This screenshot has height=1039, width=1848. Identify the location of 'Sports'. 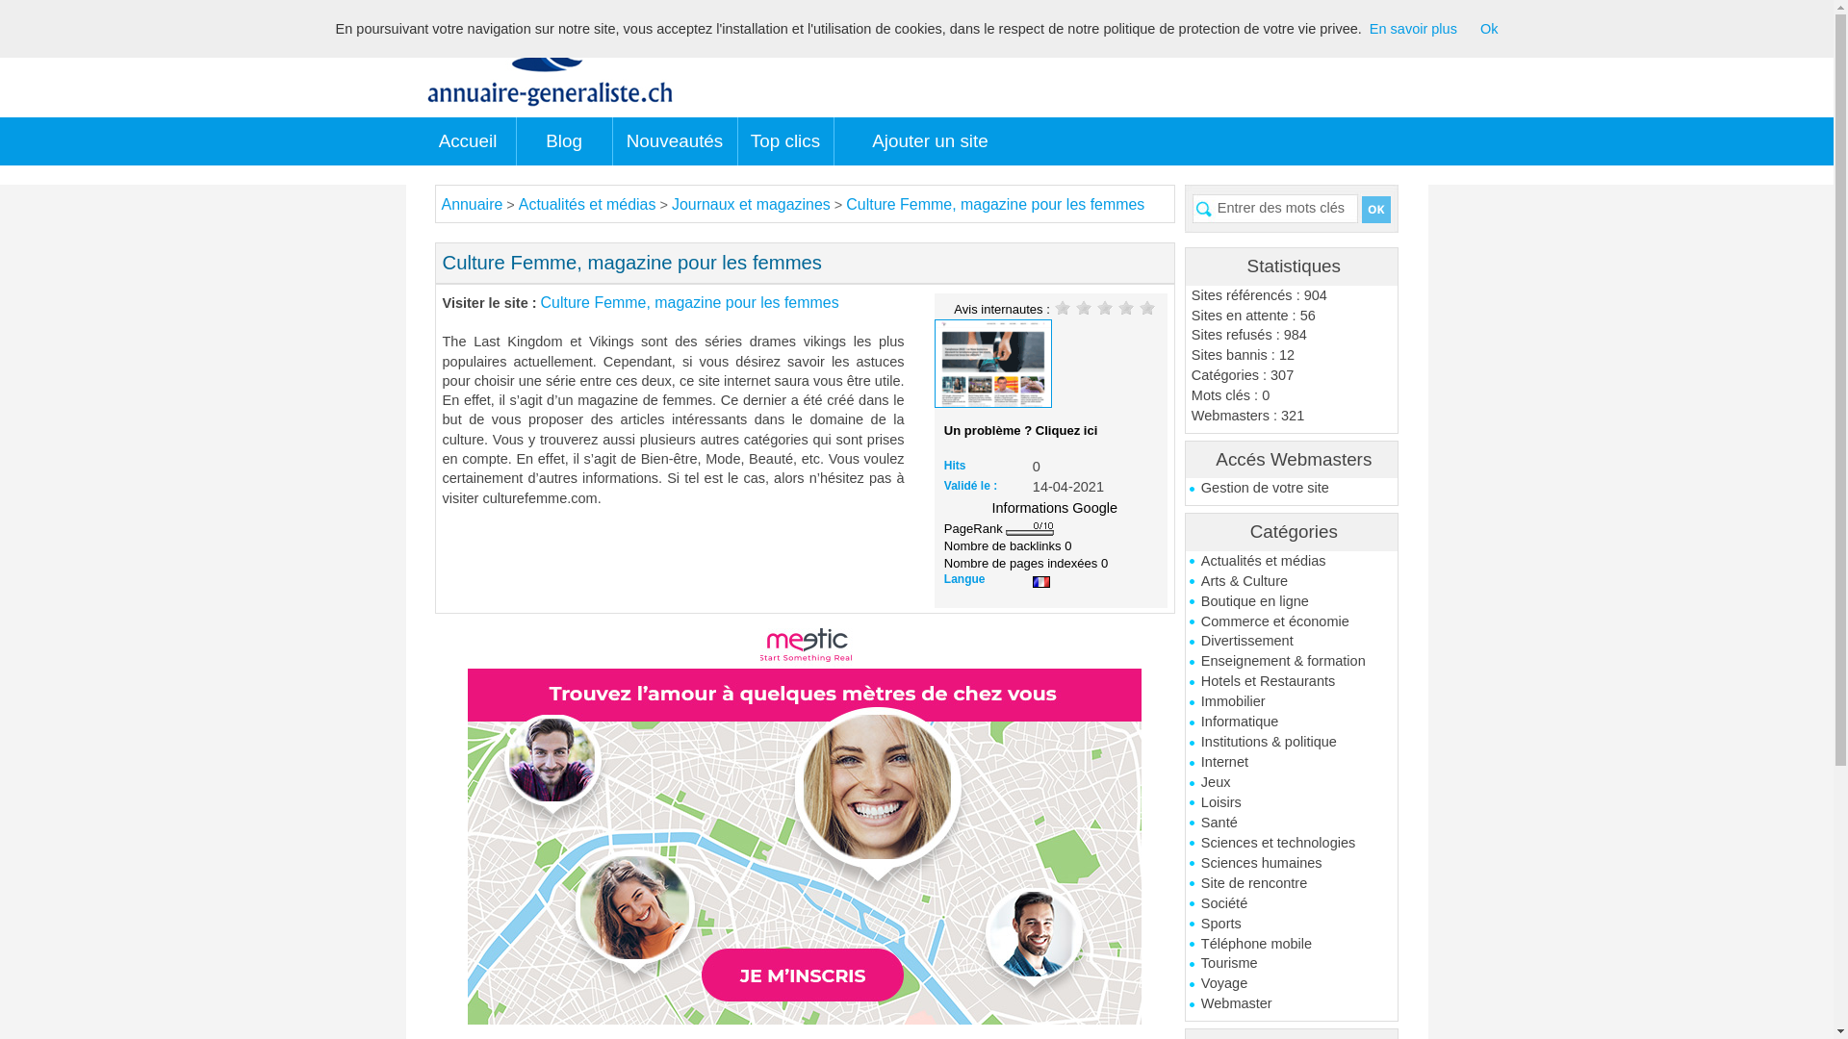
(1292, 923).